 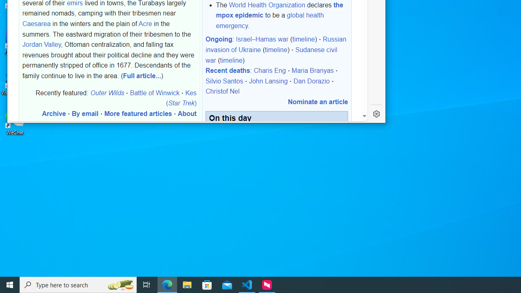 I want to click on 'About', so click(x=186, y=114).